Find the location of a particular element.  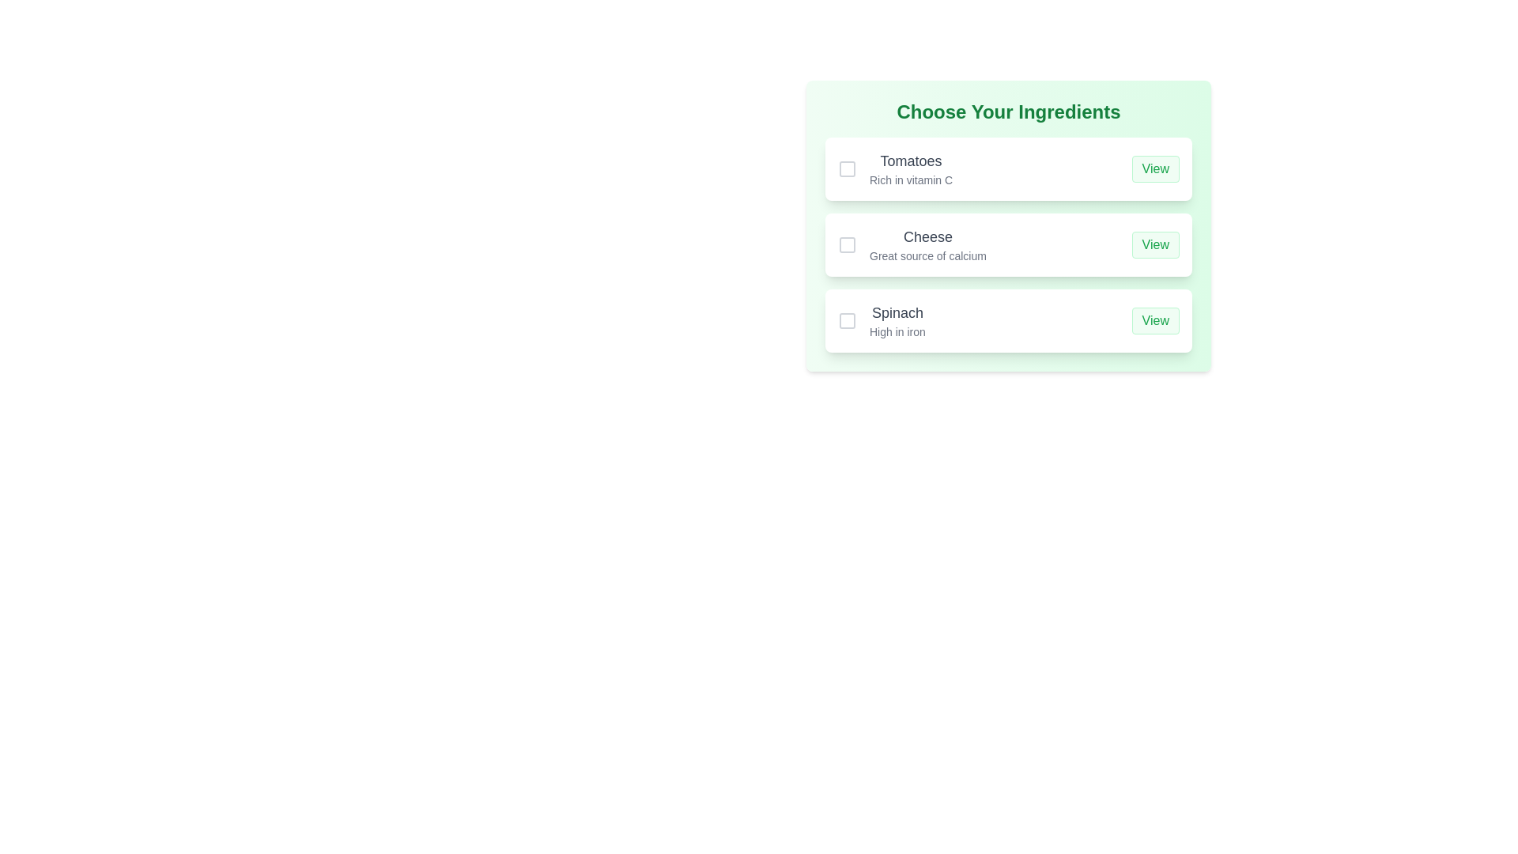

the text element that reads 'Rich in vitamin C', which is styled in a small font size and light gray color, located directly below the 'Tomatoes' label in the 'Choose Your Ingredients' section is located at coordinates (911, 179).